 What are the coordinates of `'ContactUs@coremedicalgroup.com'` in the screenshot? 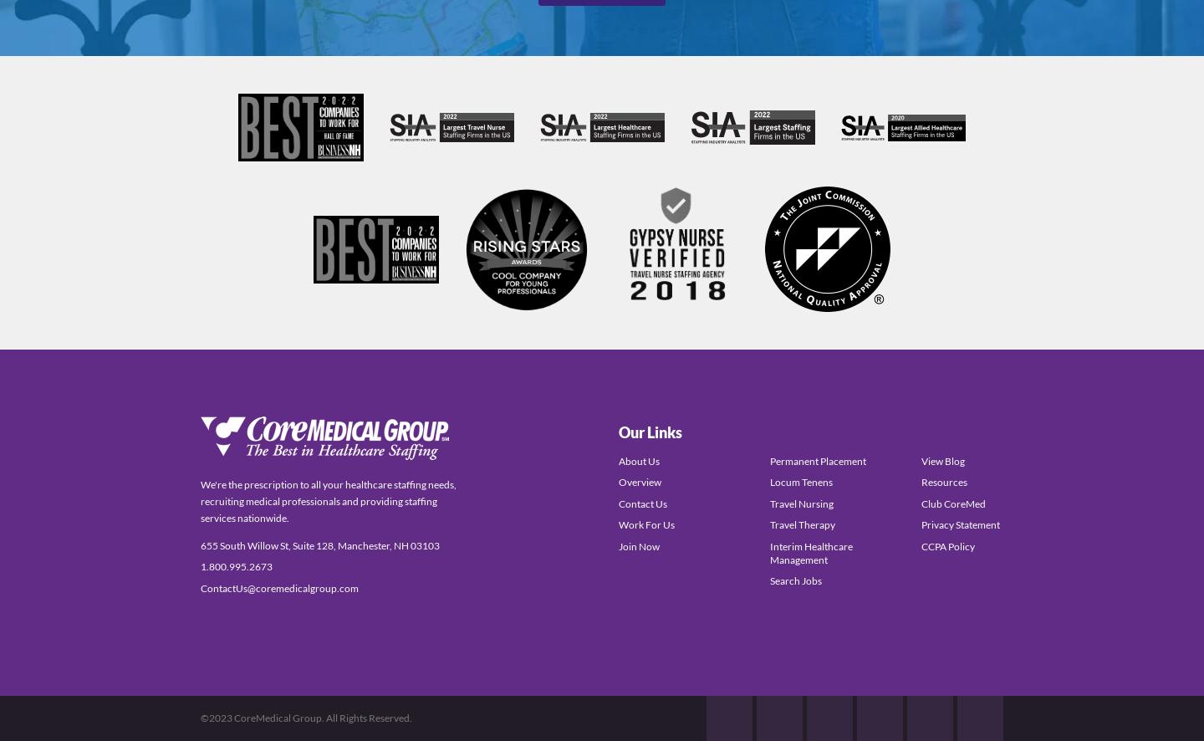 It's located at (279, 586).